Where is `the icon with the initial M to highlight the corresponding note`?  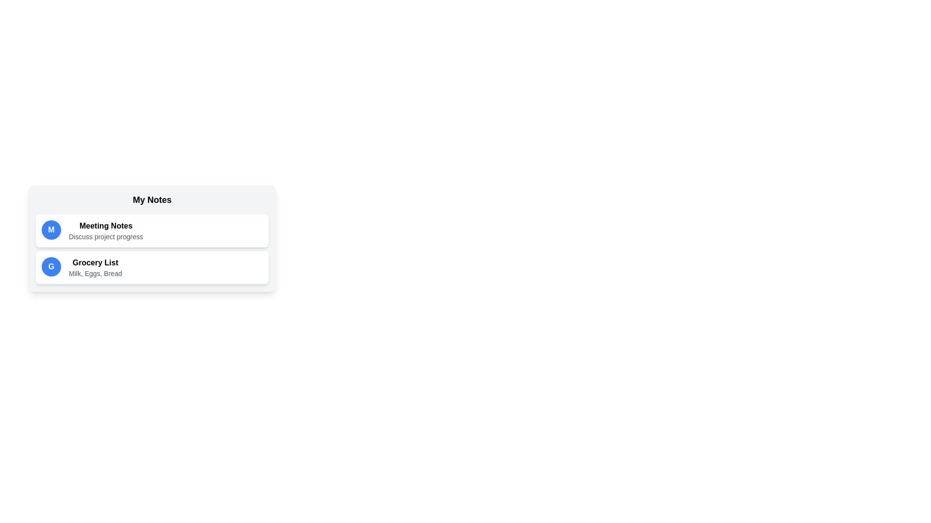 the icon with the initial M to highlight the corresponding note is located at coordinates (50, 230).